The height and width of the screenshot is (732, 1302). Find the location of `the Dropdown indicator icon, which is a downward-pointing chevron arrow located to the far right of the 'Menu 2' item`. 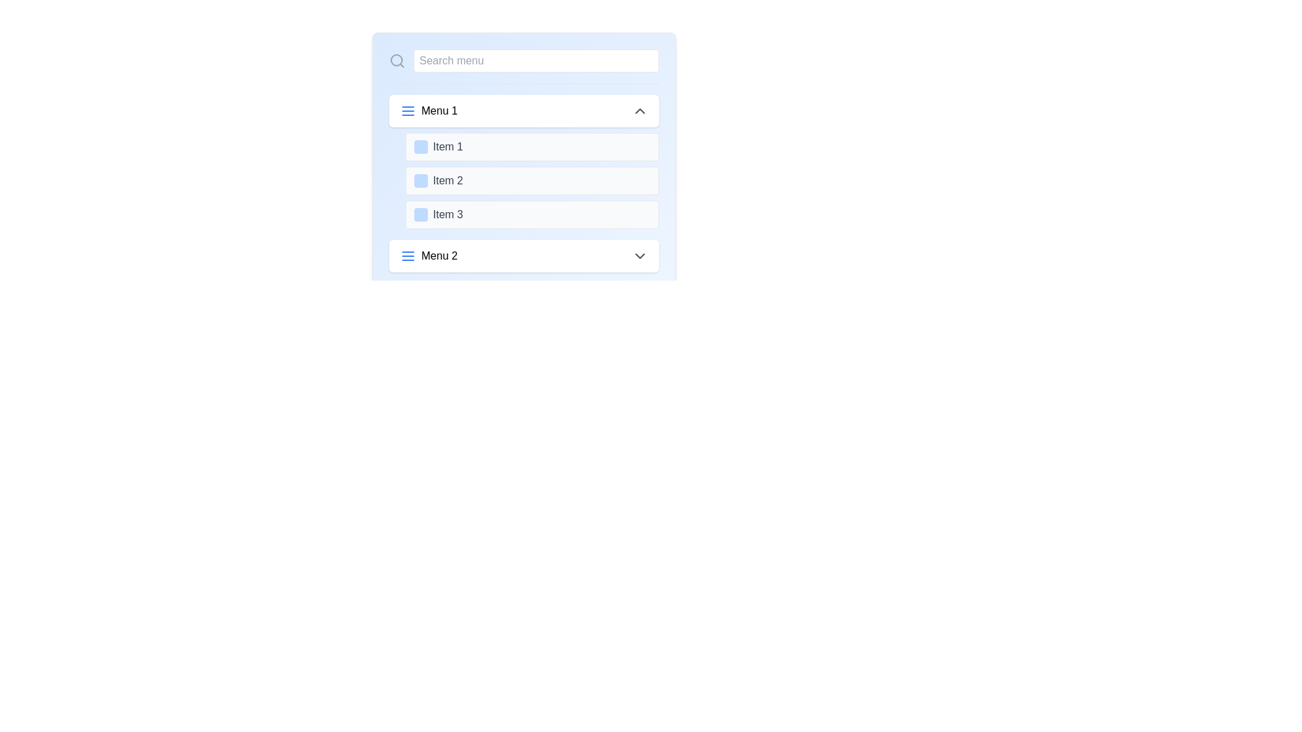

the Dropdown indicator icon, which is a downward-pointing chevron arrow located to the far right of the 'Menu 2' item is located at coordinates (639, 256).